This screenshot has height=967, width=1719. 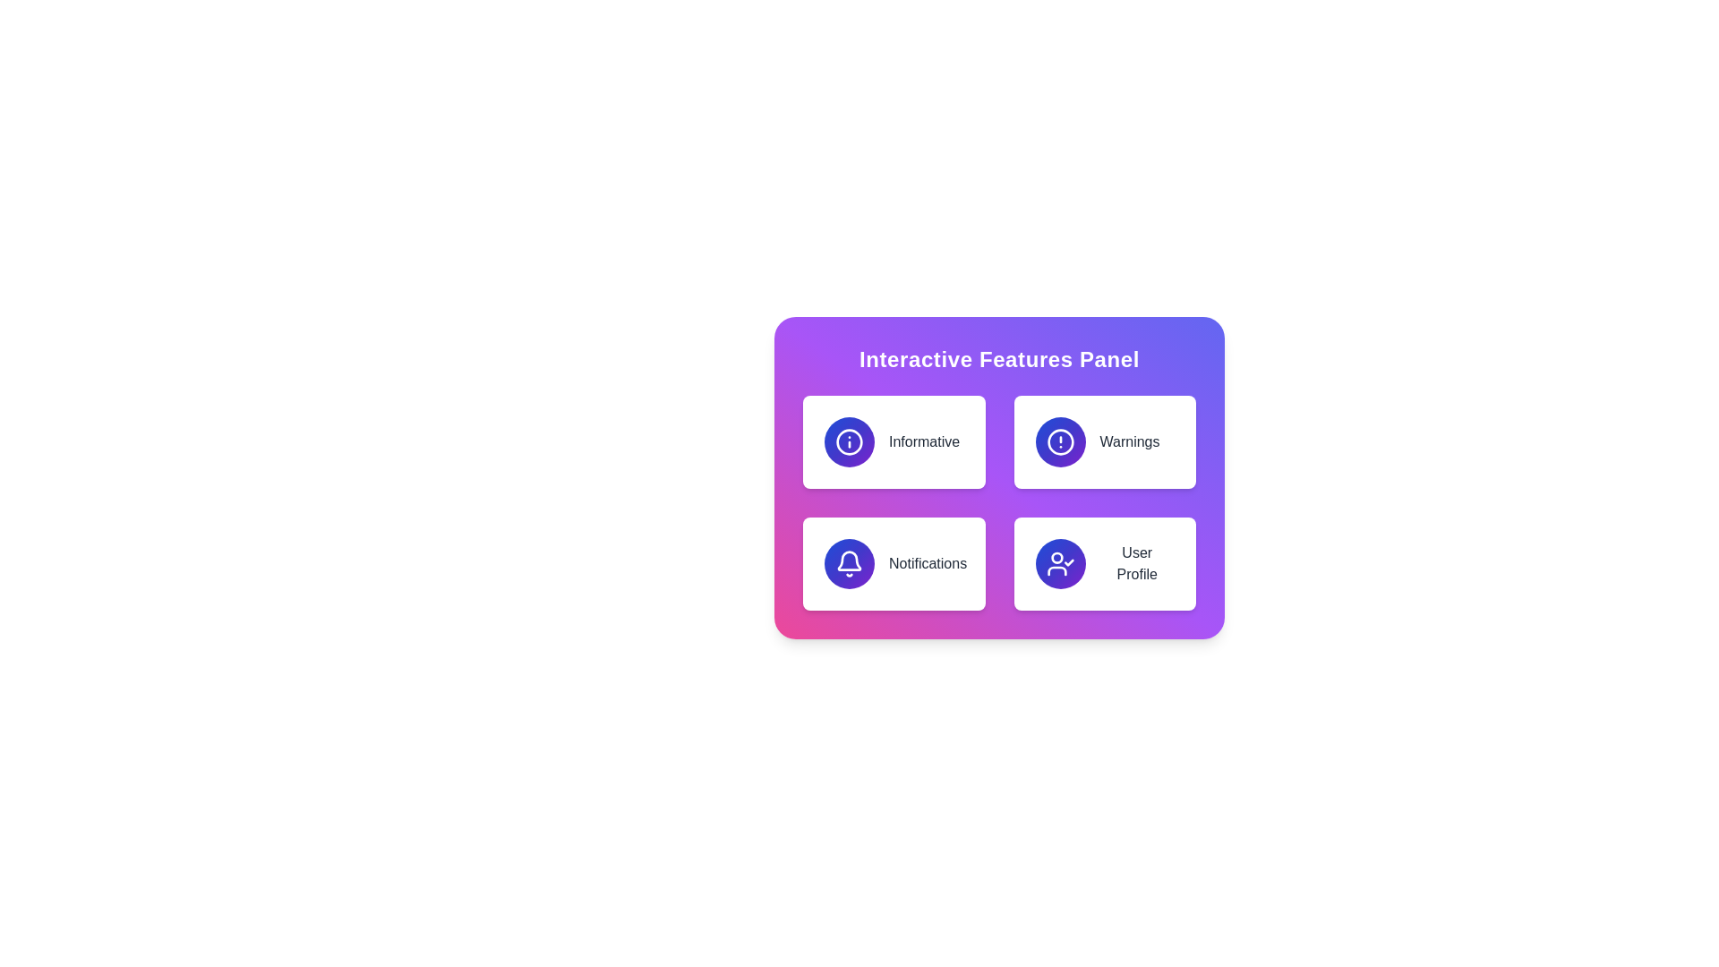 What do you see at coordinates (1056, 557) in the screenshot?
I see `the SVG Circle element that represents a user profile icon, located in the upper-left quadrant of the user profile graphic` at bounding box center [1056, 557].